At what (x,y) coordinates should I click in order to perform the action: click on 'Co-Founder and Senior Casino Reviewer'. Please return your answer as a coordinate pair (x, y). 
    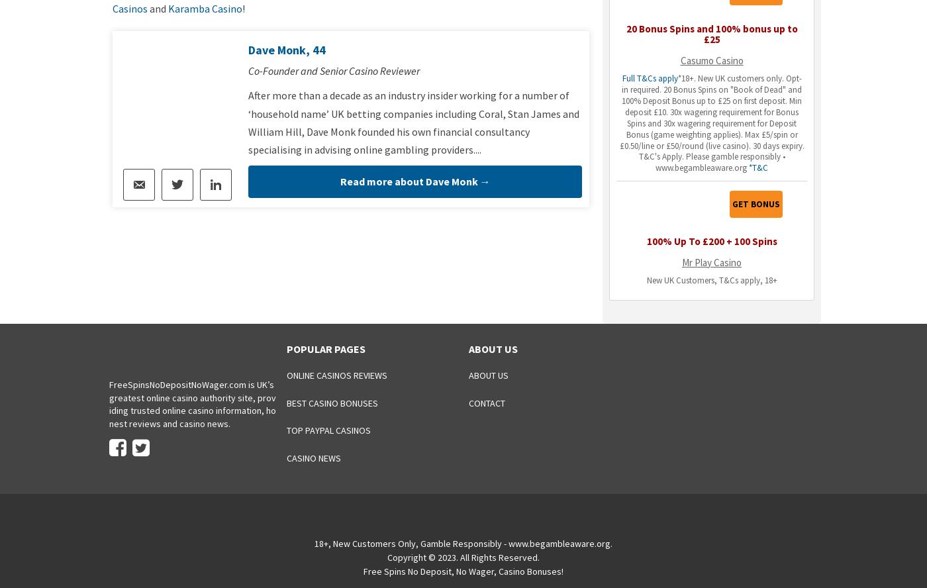
    Looking at the image, I should click on (334, 70).